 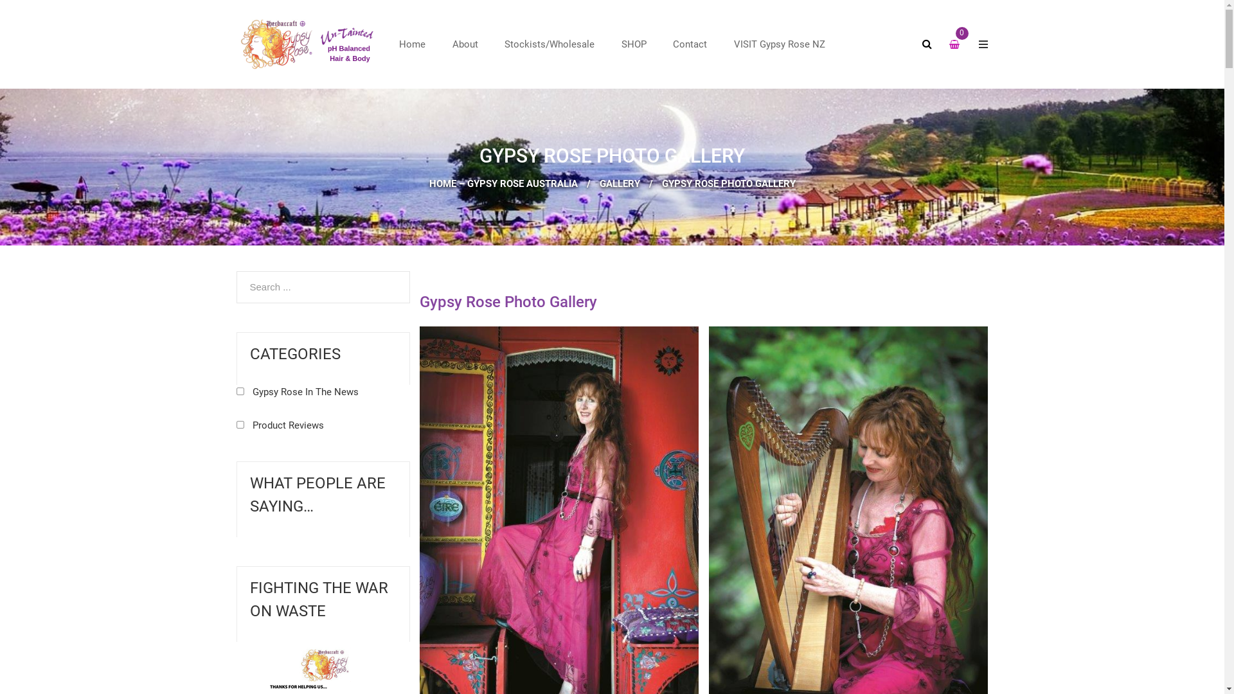 What do you see at coordinates (440, 44) in the screenshot?
I see `'About'` at bounding box center [440, 44].